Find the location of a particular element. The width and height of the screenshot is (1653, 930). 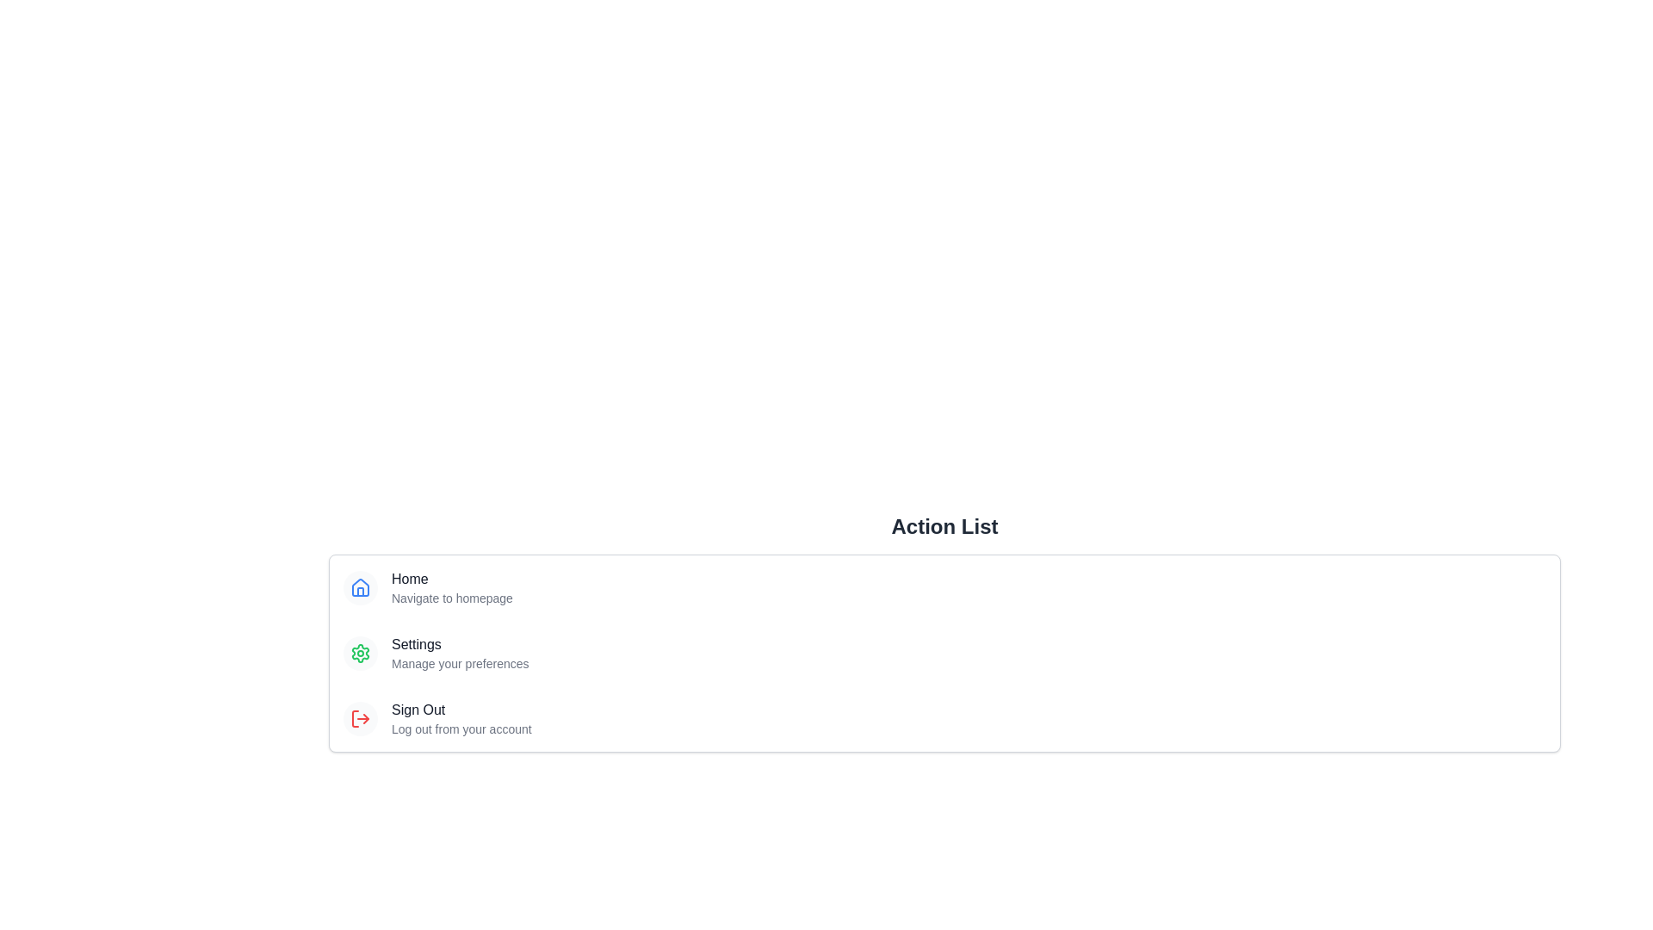

the text label indicating user settings preferences is located at coordinates (460, 644).